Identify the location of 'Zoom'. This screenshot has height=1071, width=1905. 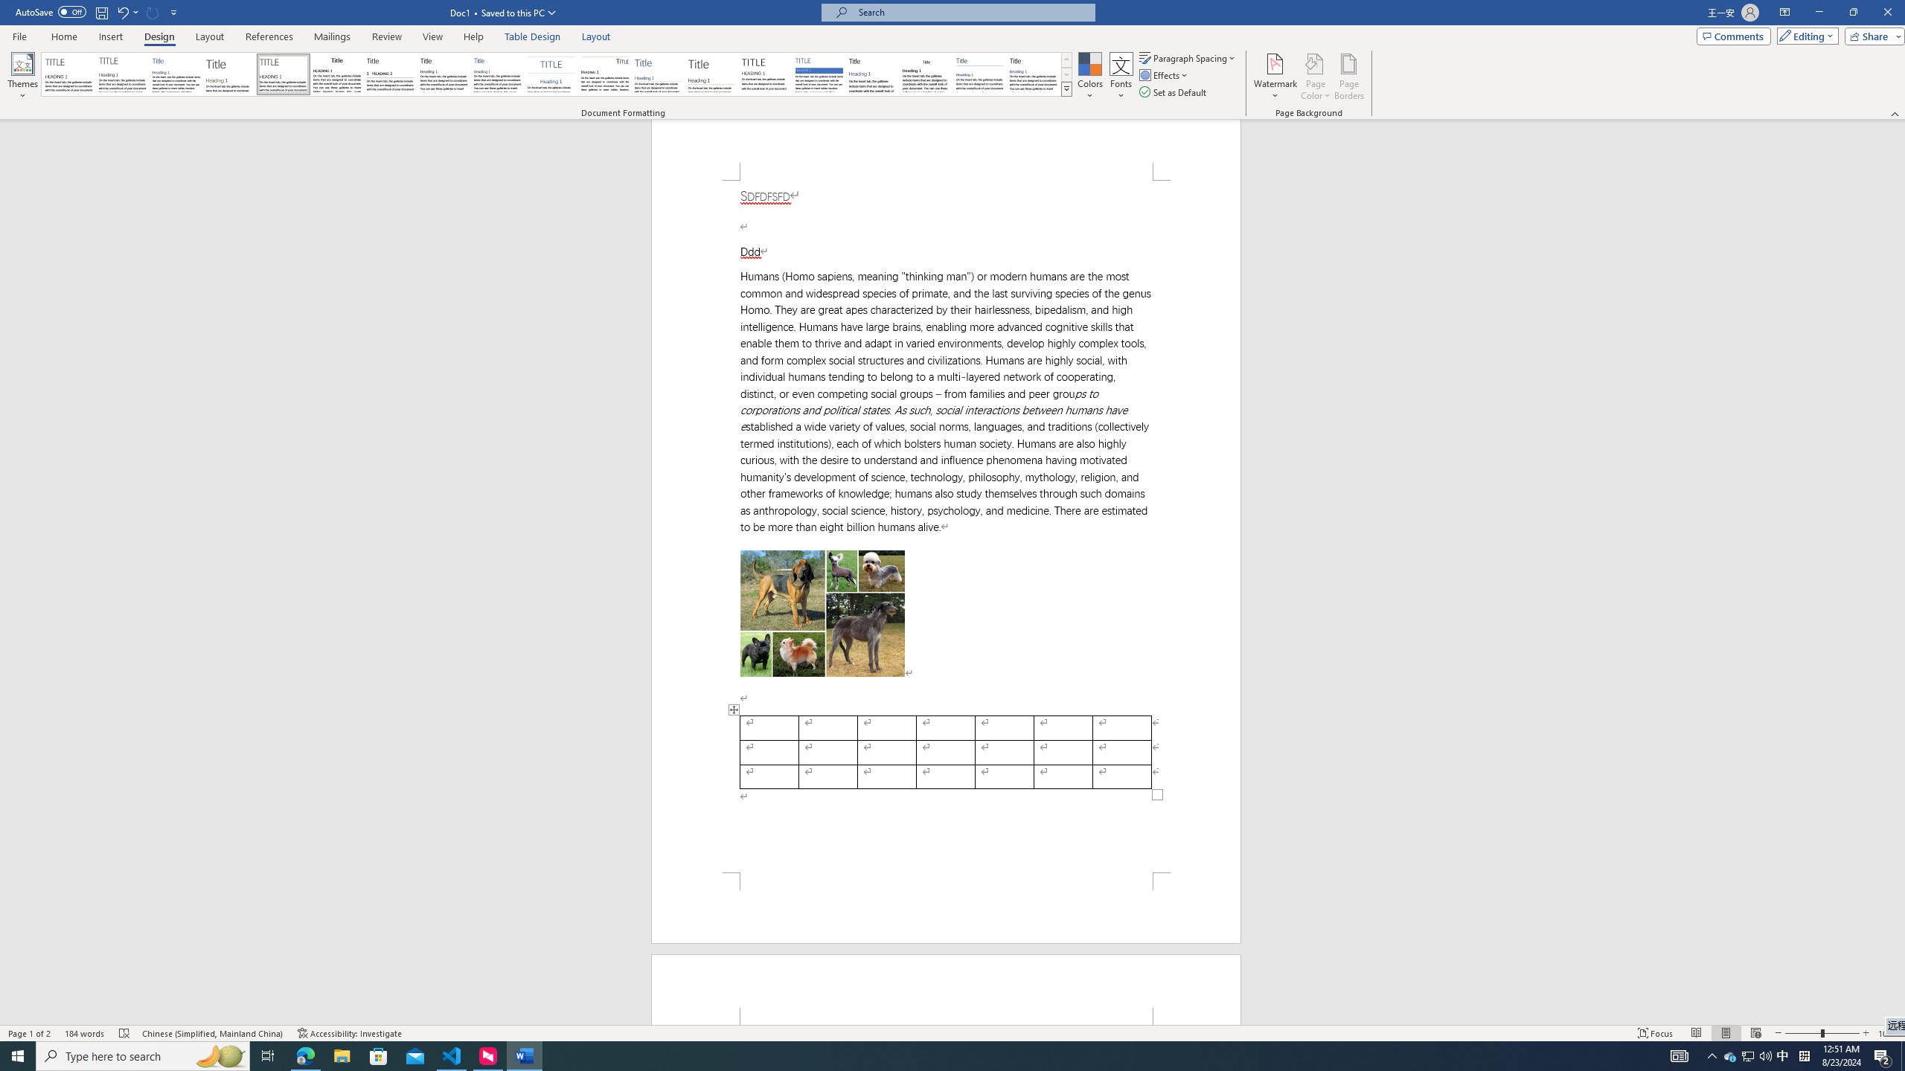
(1821, 1033).